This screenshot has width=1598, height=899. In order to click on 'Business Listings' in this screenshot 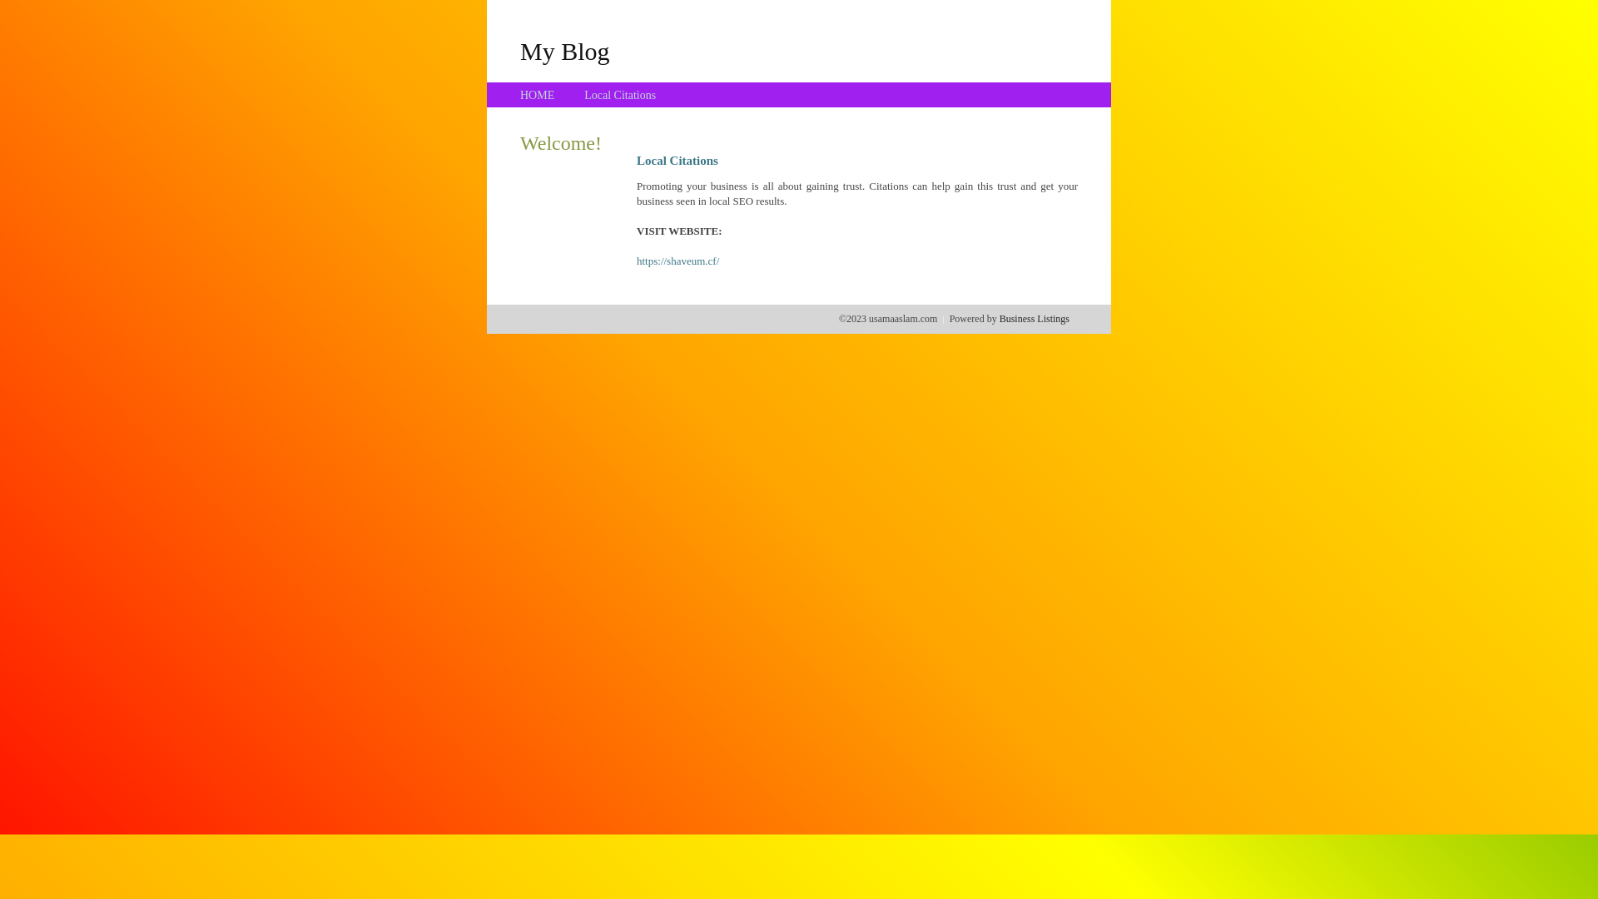, I will do `click(999, 318)`.